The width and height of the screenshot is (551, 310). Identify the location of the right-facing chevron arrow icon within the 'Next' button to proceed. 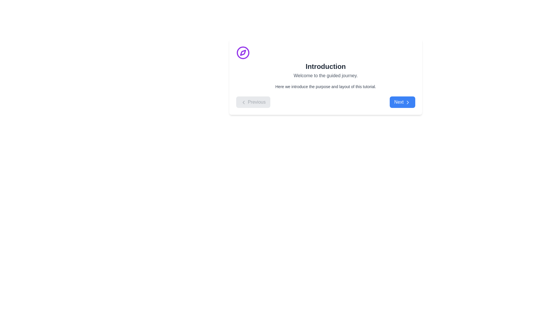
(407, 102).